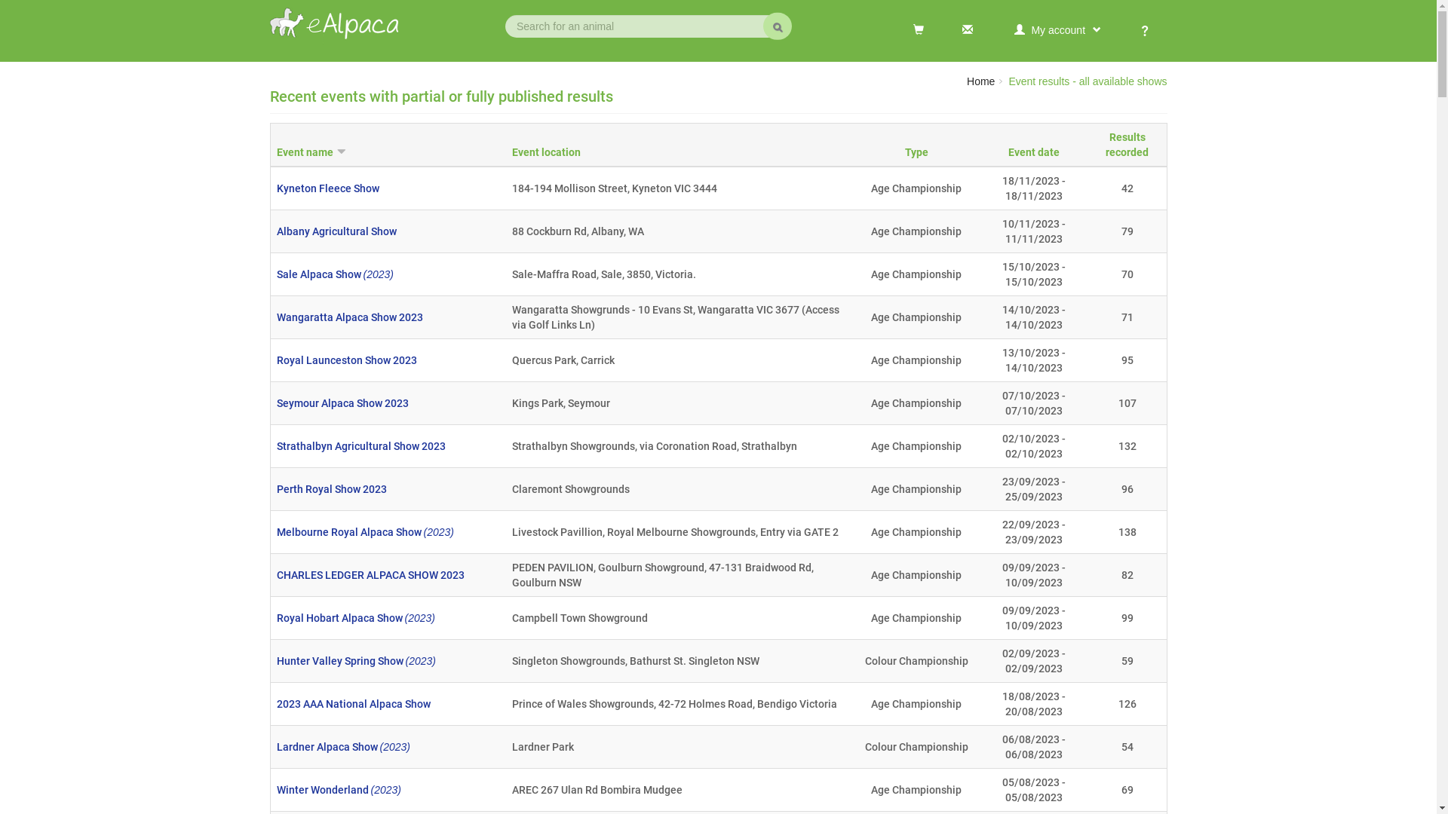  Describe the element at coordinates (345, 360) in the screenshot. I see `'Royal Launceston Show 2023'` at that location.